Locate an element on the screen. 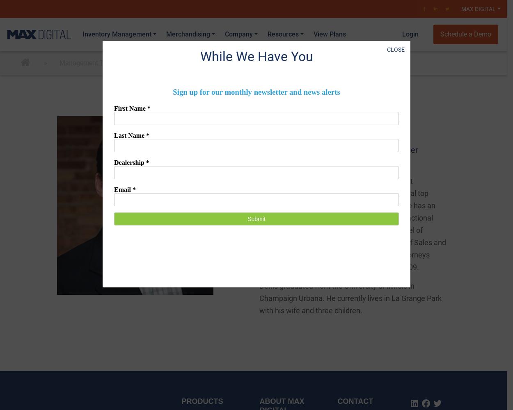 The image size is (513, 410). 'Denis graduated from the University of Illinois in Champaign Urbana. He currently lives in La Grange Park with his wife and three children.' is located at coordinates (350, 298).